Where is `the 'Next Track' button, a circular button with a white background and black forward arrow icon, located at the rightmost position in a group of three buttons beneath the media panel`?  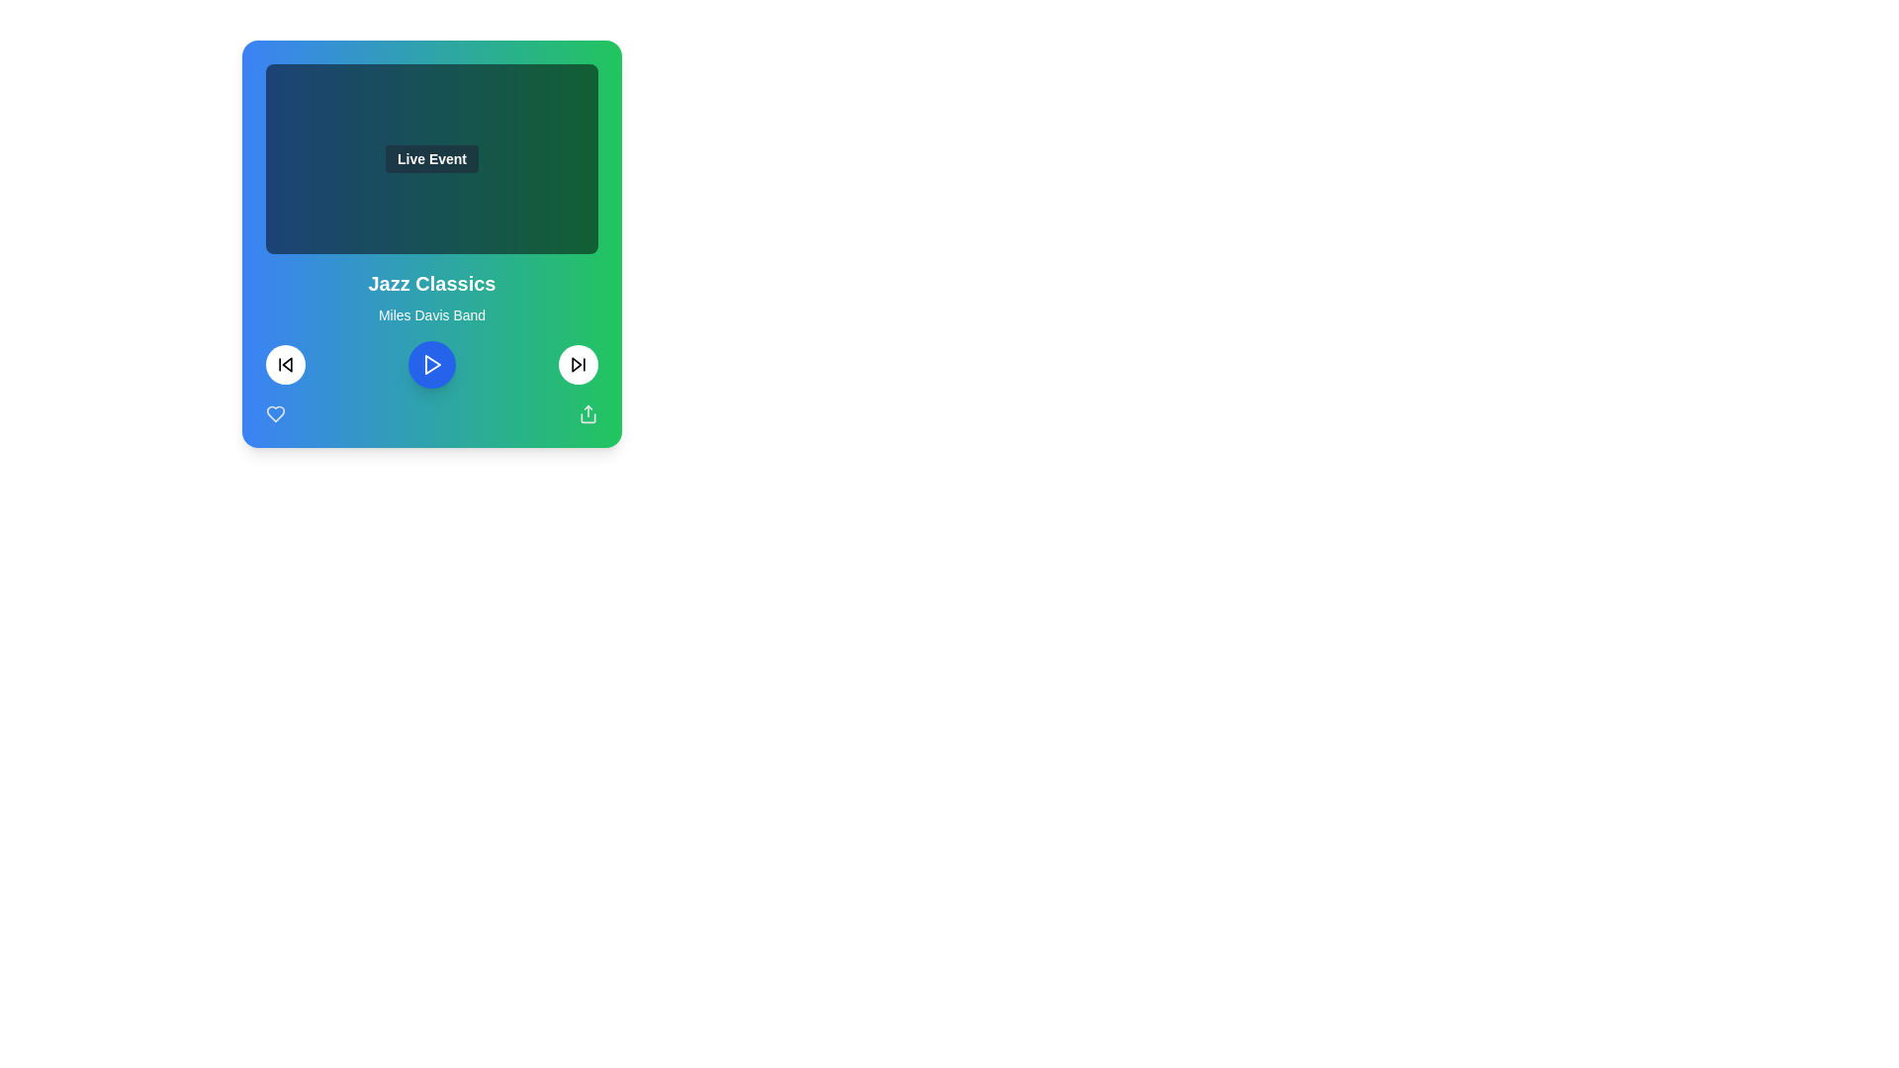 the 'Next Track' button, a circular button with a white background and black forward arrow icon, located at the rightmost position in a group of three buttons beneath the media panel is located at coordinates (578, 365).